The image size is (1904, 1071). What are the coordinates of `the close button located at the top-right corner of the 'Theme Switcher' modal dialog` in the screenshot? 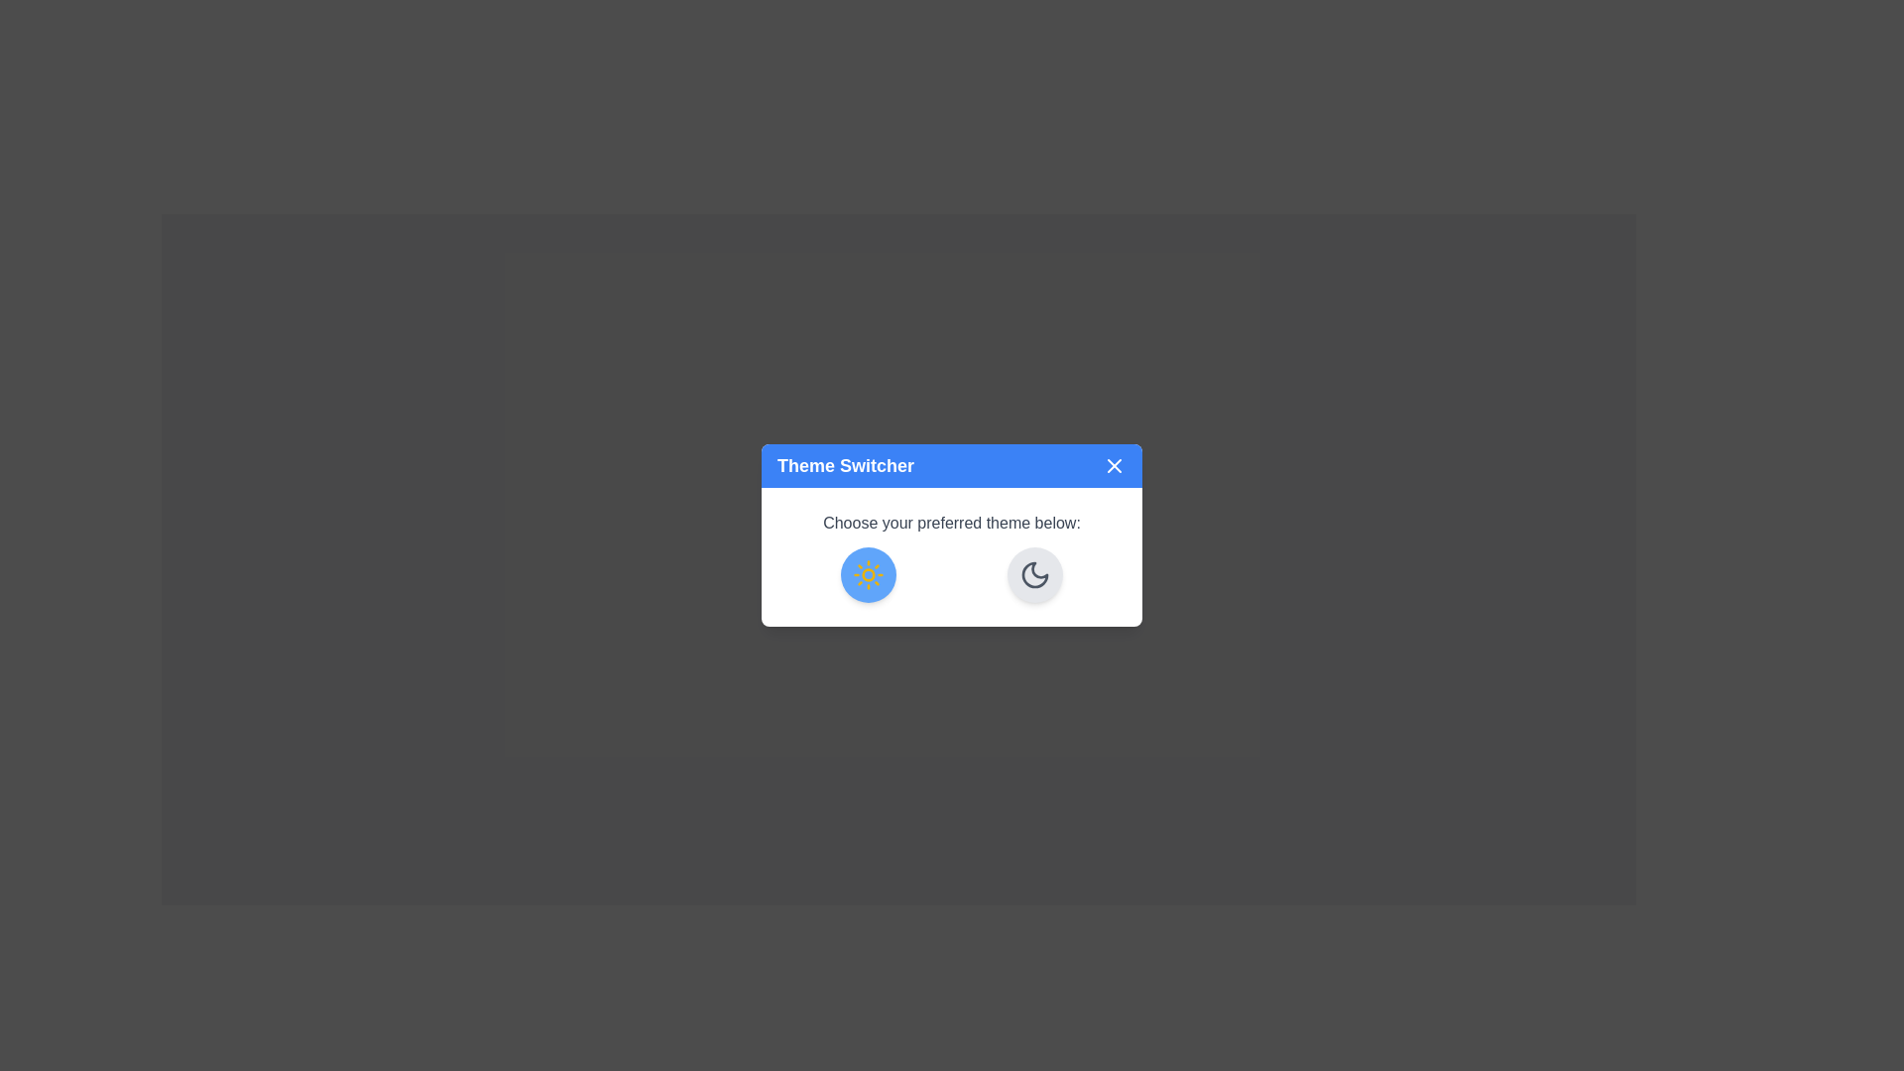 It's located at (1114, 466).